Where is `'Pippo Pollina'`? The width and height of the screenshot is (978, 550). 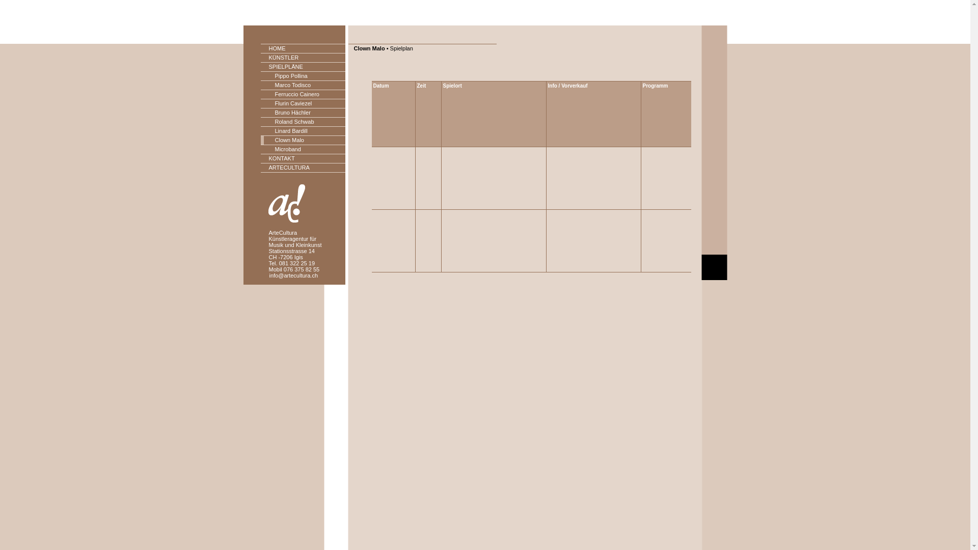 'Pippo Pollina' is located at coordinates (303, 76).